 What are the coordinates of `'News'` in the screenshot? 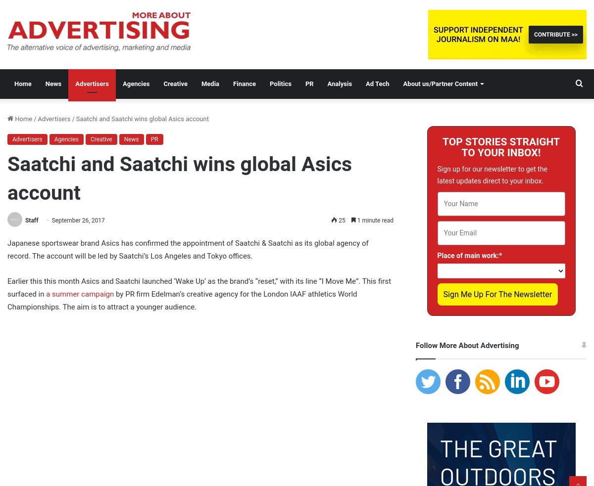 It's located at (130, 139).